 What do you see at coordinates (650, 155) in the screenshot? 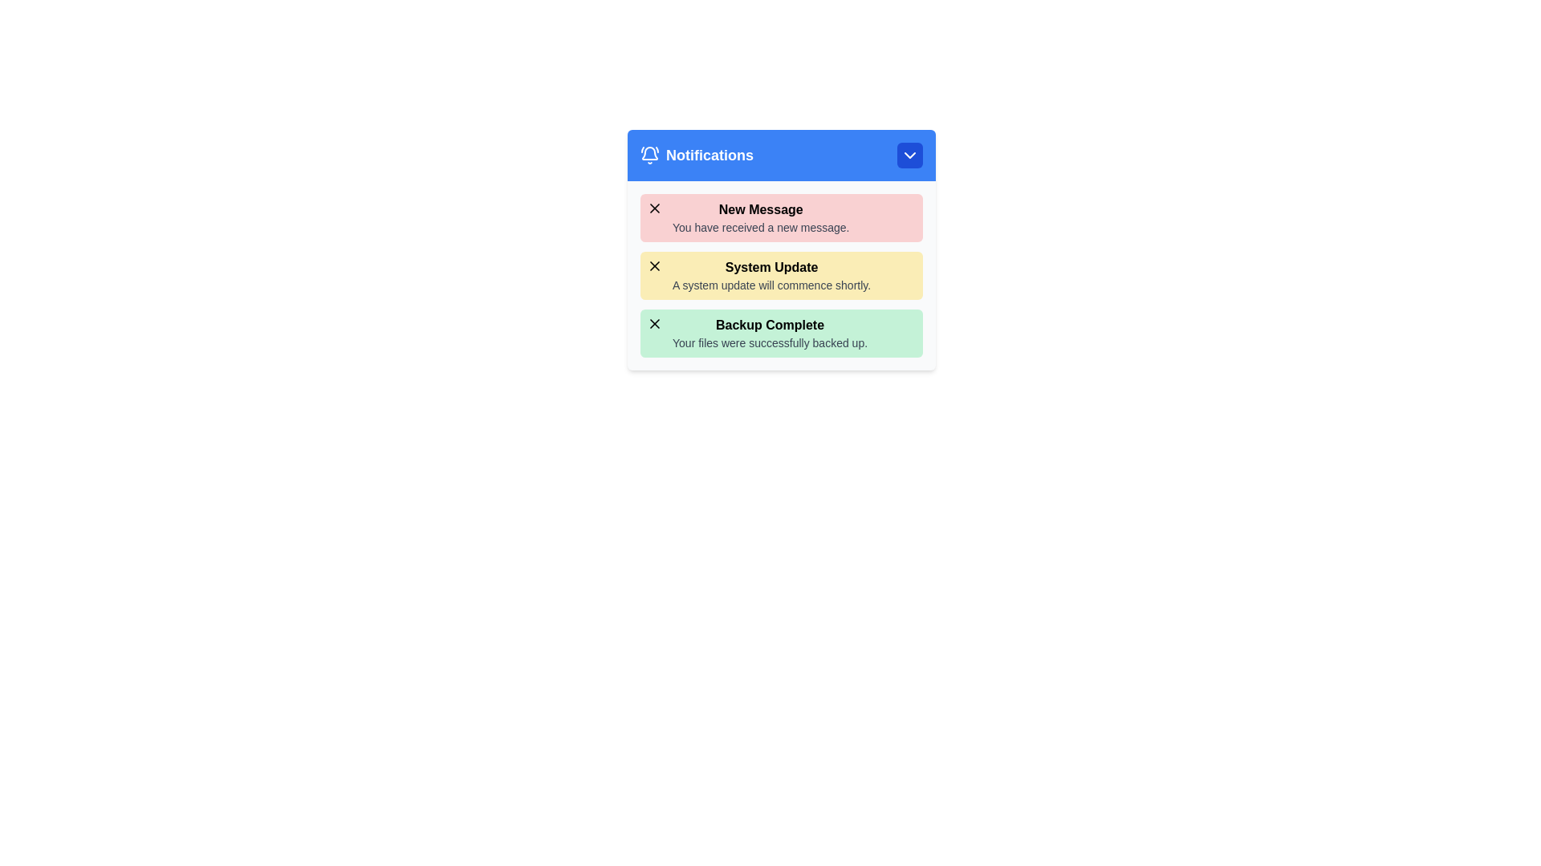
I see `the Notifications bell icon, which is styled with a blue background and white outline, located next to the text 'Notifications'` at bounding box center [650, 155].